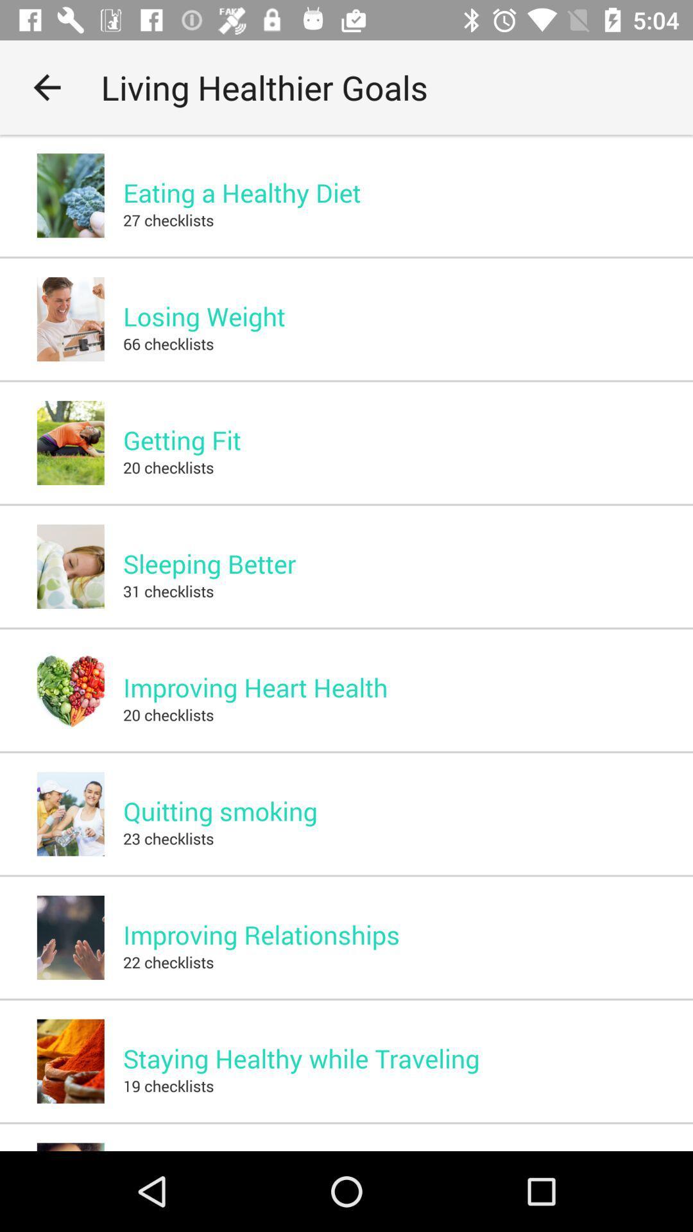 The height and width of the screenshot is (1232, 693). I want to click on icon next to the living healthier goals app, so click(46, 87).